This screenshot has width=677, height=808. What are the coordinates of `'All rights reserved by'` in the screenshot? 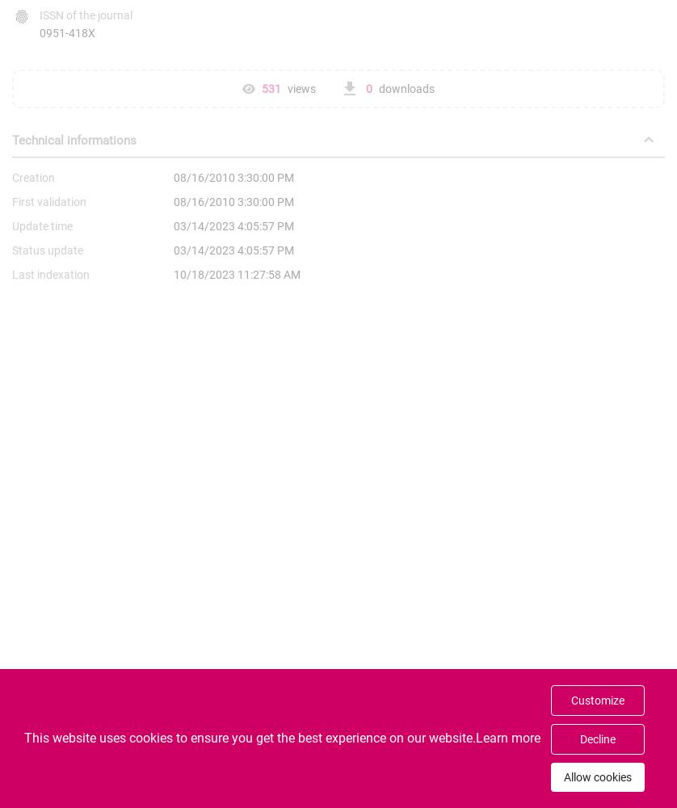 It's located at (236, 789).